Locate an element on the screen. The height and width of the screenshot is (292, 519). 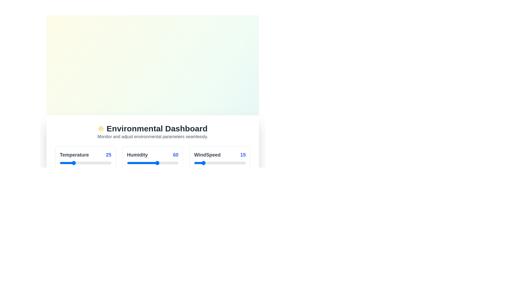
the Wind Speed slider is located at coordinates (228, 162).